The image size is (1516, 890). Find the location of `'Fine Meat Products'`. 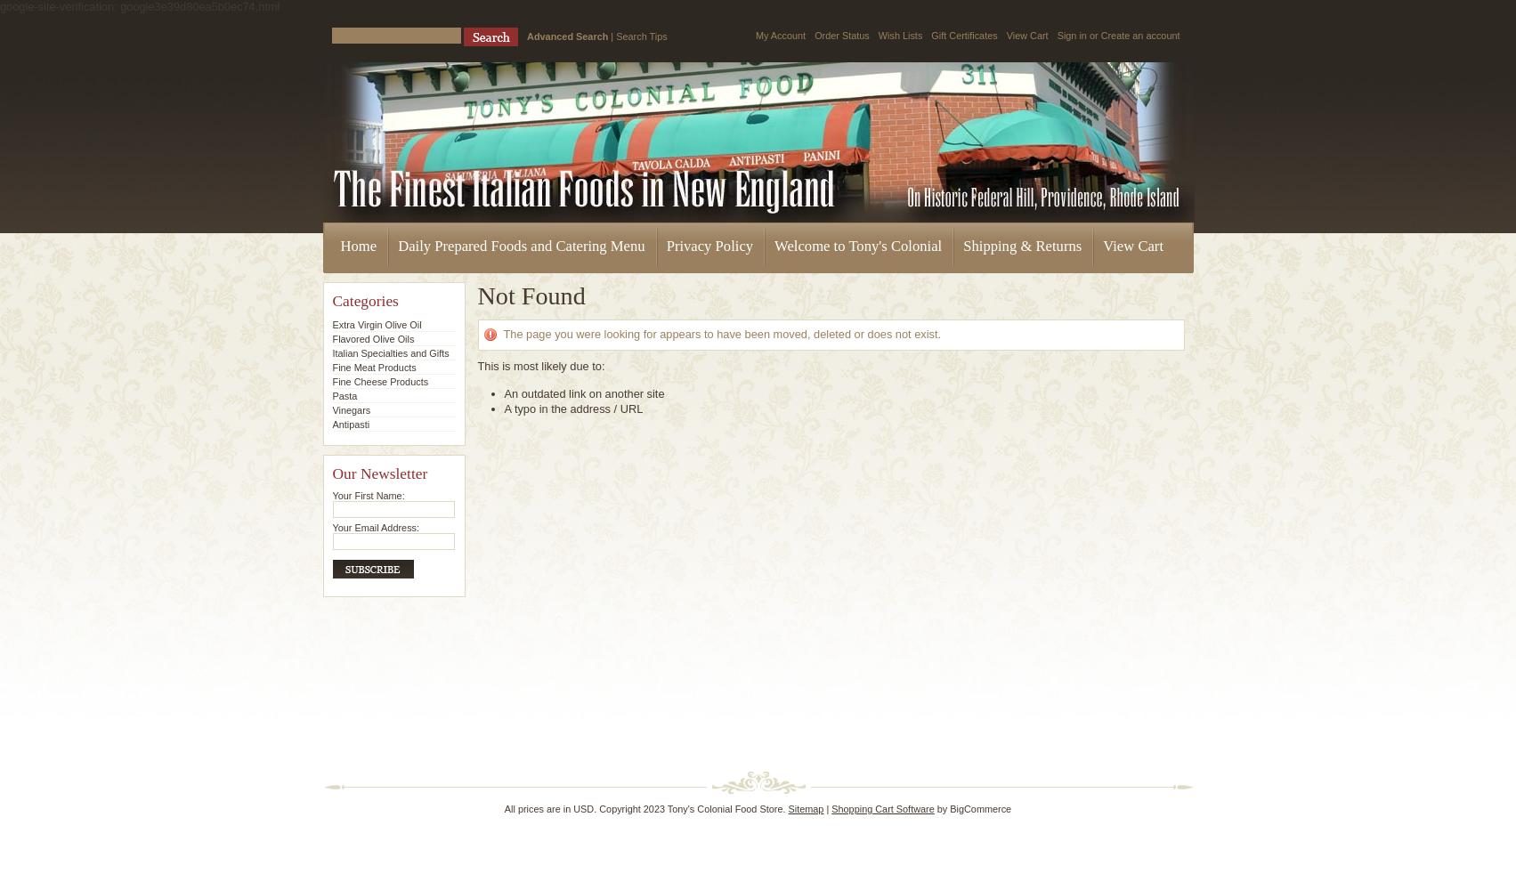

'Fine Meat Products' is located at coordinates (373, 368).